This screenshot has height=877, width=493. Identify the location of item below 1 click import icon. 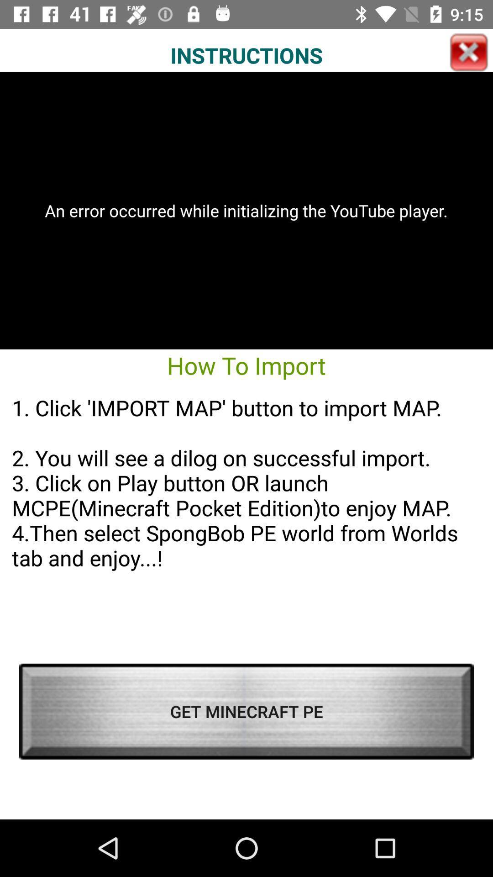
(246, 711).